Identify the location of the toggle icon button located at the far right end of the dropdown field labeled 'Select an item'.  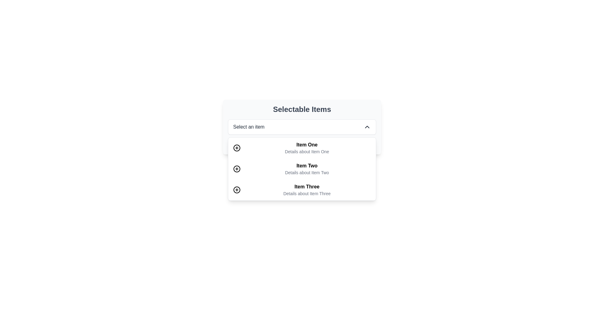
(367, 127).